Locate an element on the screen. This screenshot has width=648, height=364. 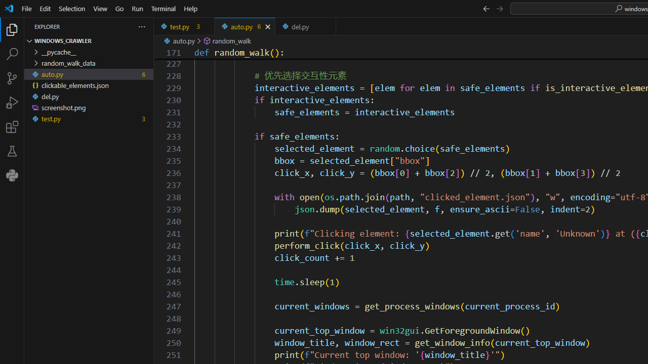
'Go Forward (Alt+RightArrow)' is located at coordinates (499, 8).